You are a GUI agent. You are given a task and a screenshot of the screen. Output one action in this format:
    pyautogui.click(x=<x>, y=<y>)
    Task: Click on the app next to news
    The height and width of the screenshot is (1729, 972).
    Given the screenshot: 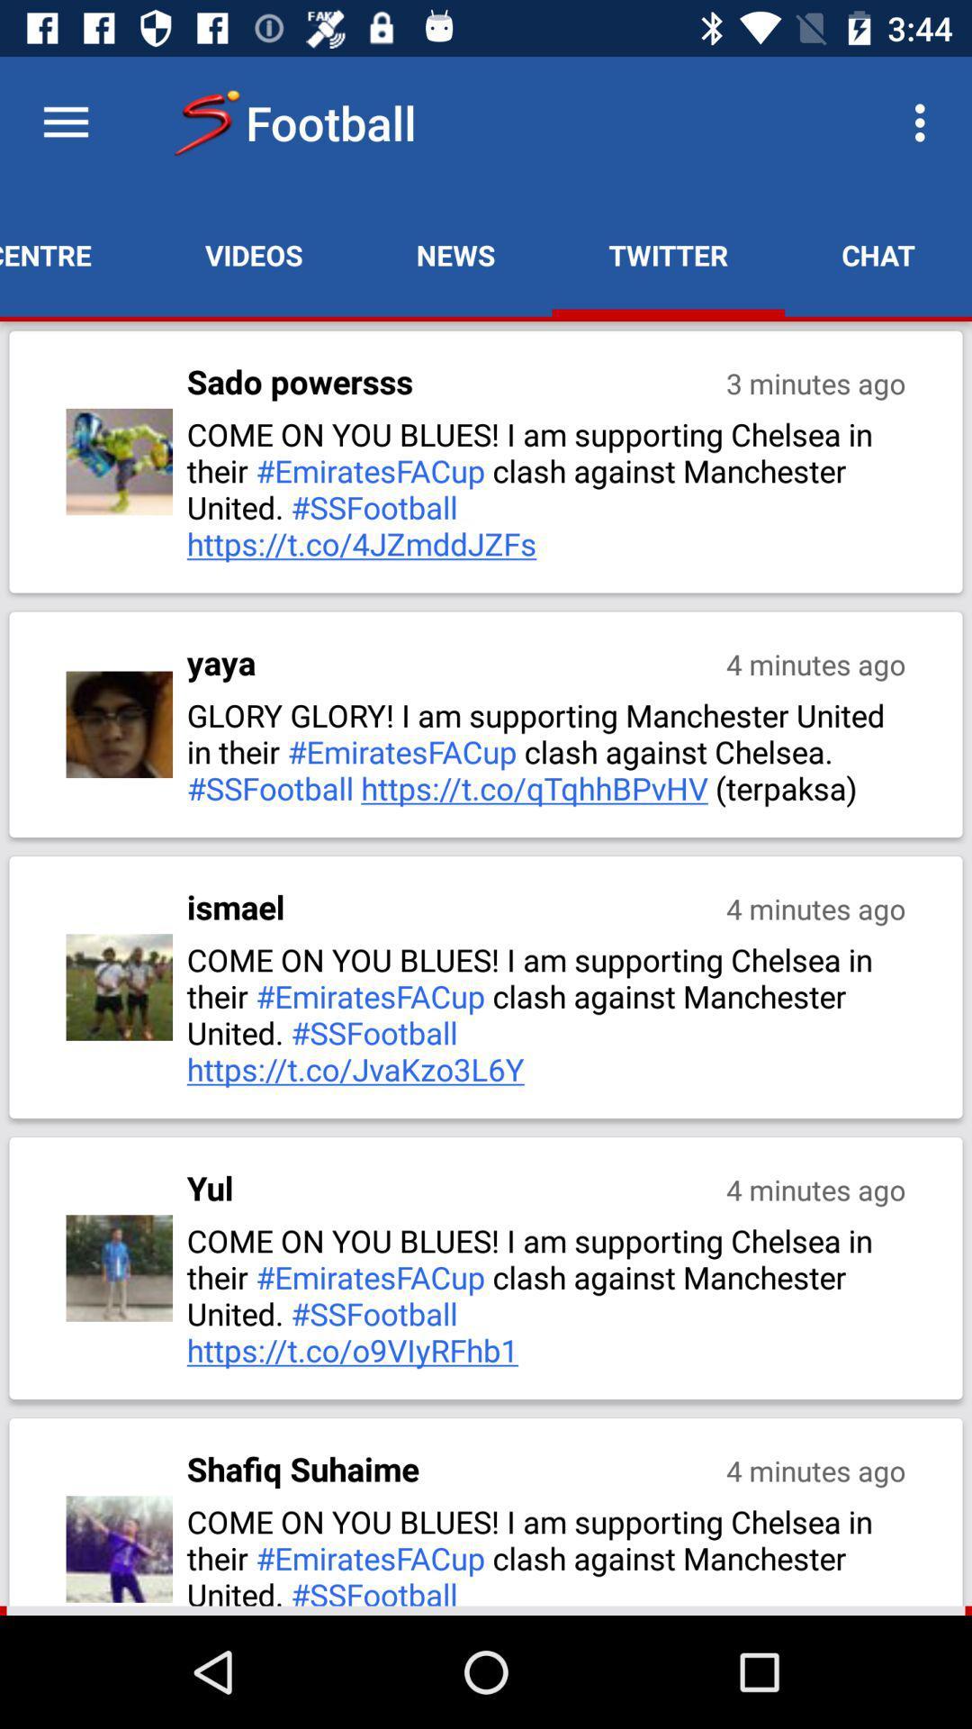 What is the action you would take?
    pyautogui.click(x=254, y=254)
    